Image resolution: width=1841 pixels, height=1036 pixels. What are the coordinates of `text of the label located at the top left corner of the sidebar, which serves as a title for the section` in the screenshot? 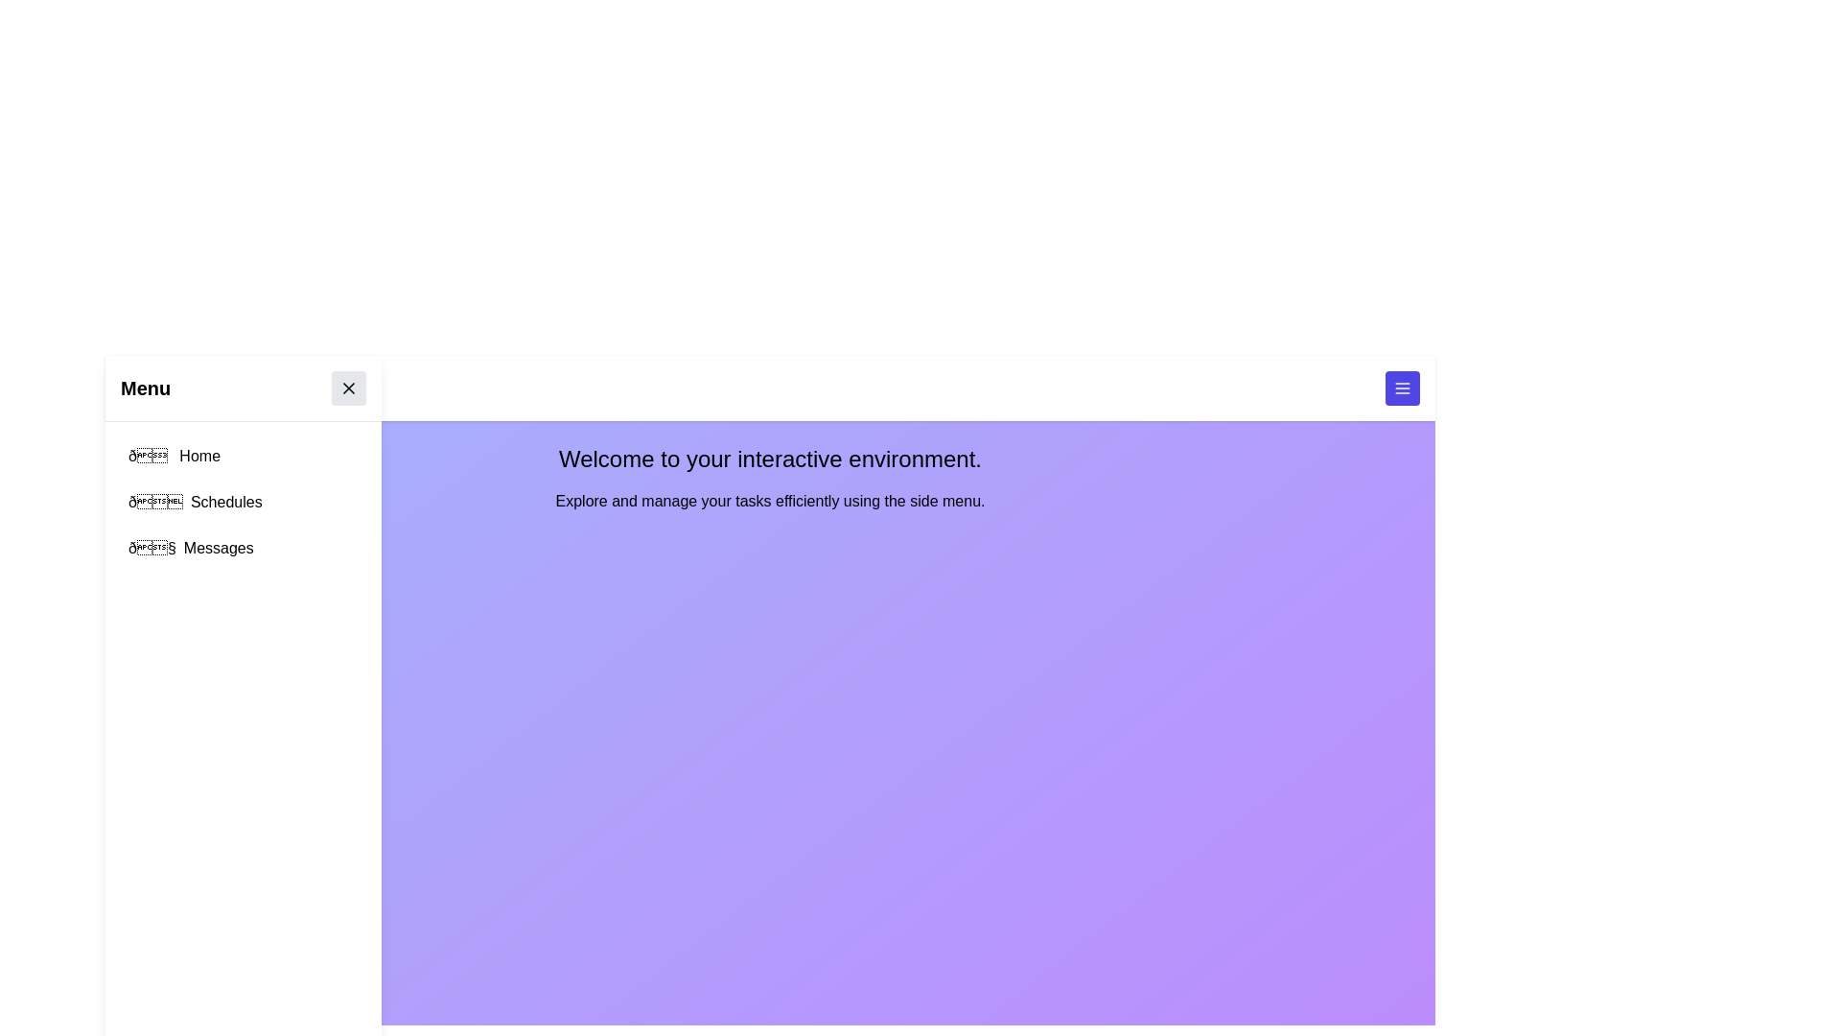 It's located at (145, 388).